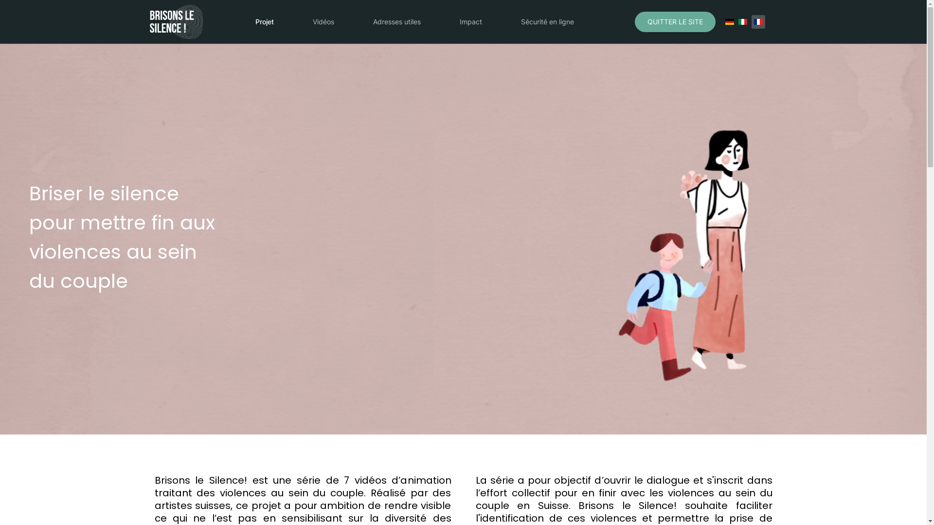  Describe the element at coordinates (742, 22) in the screenshot. I see `'Italiano (it-IT)'` at that location.